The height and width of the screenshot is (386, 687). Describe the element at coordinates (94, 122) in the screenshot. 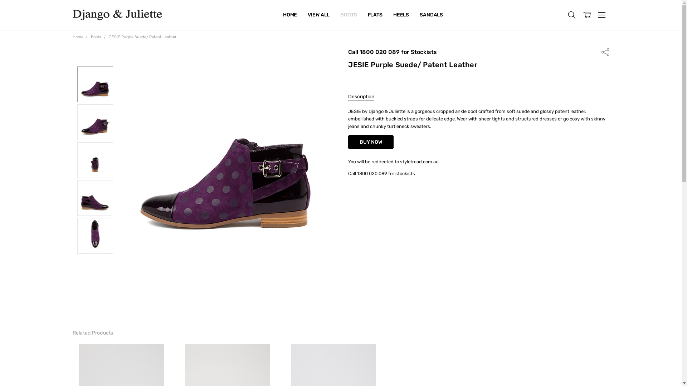

I see `'JESIE Purple Suede/ Patent Leather'` at that location.